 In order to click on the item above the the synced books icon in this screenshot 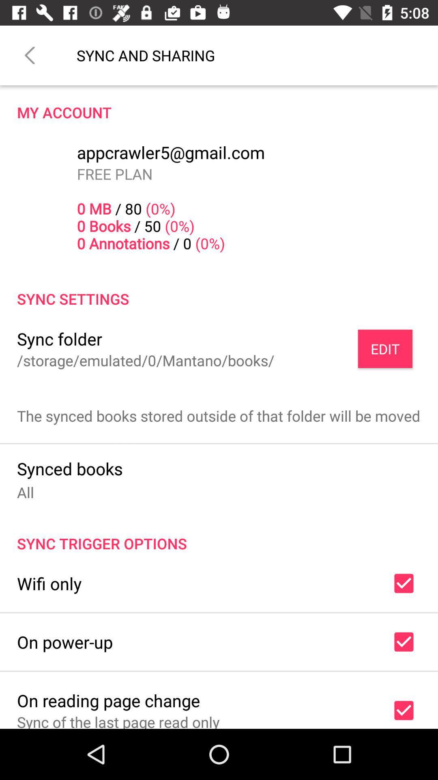, I will do `click(384, 349)`.